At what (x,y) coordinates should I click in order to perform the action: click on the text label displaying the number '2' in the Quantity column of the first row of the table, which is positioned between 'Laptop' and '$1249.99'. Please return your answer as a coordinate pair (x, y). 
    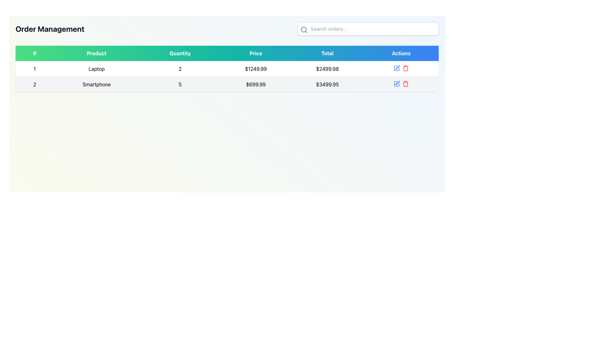
    Looking at the image, I should click on (180, 69).